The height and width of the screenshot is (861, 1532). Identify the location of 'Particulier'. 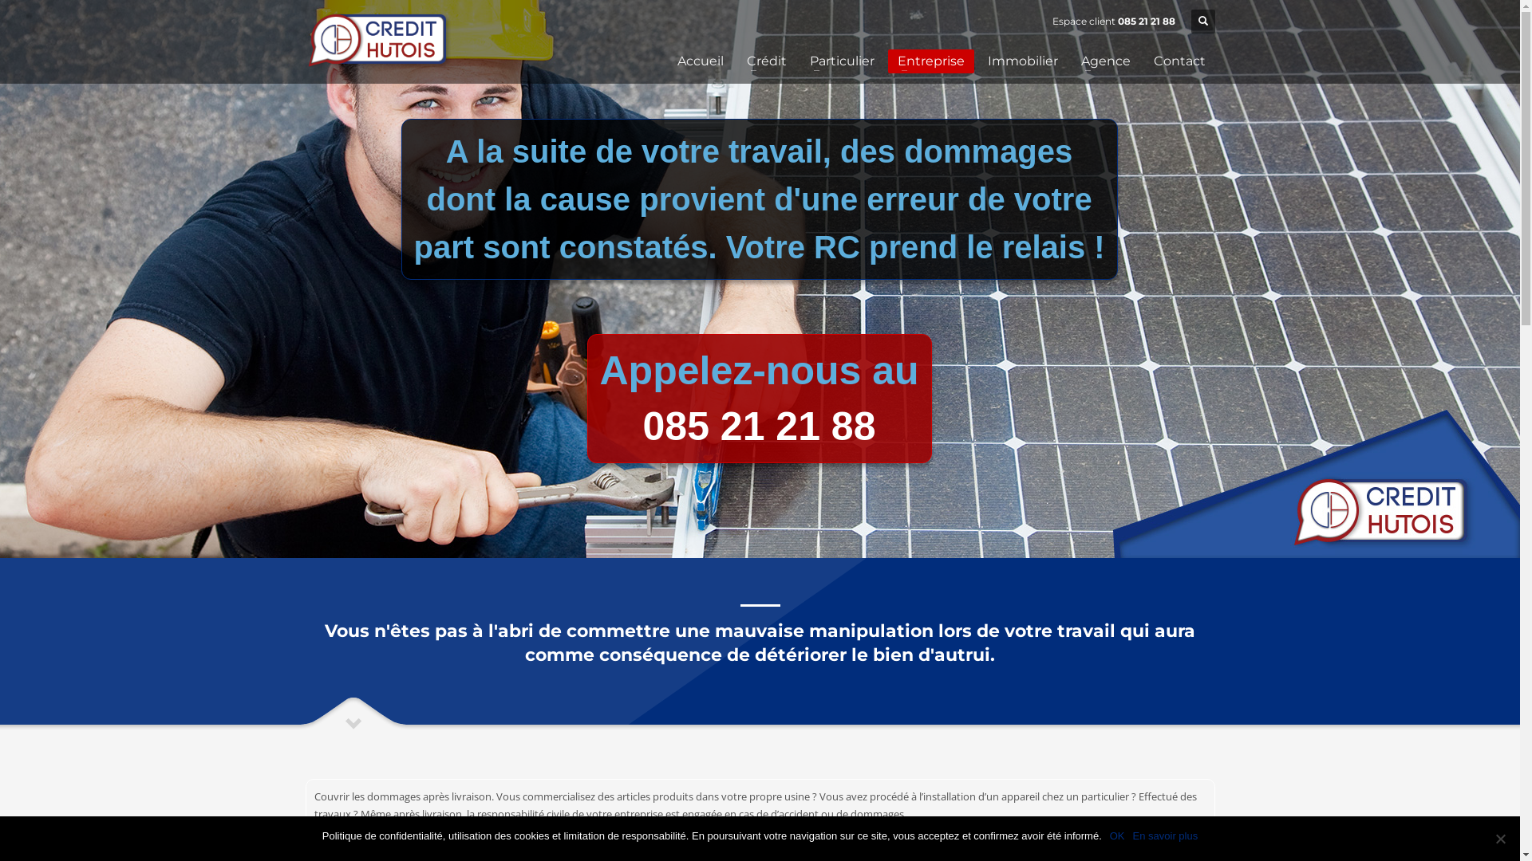
(840, 61).